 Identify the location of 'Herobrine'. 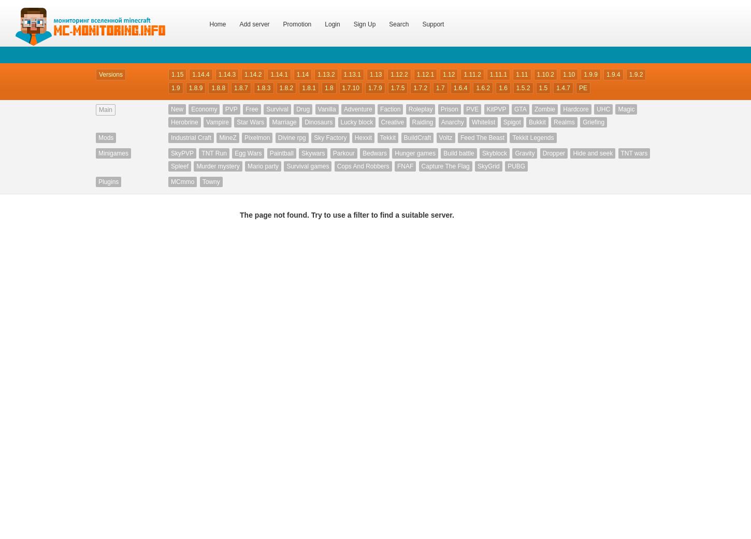
(184, 122).